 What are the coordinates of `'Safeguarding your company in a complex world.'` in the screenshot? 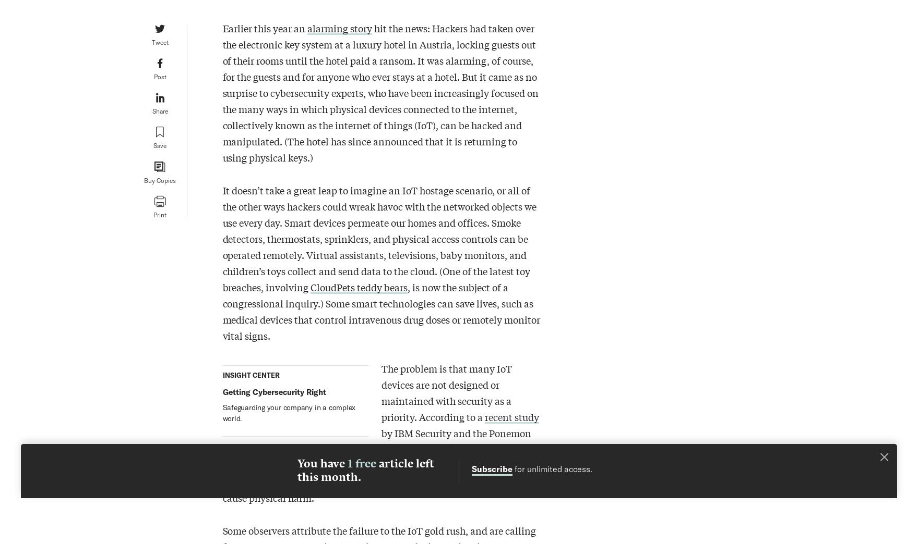 It's located at (288, 412).